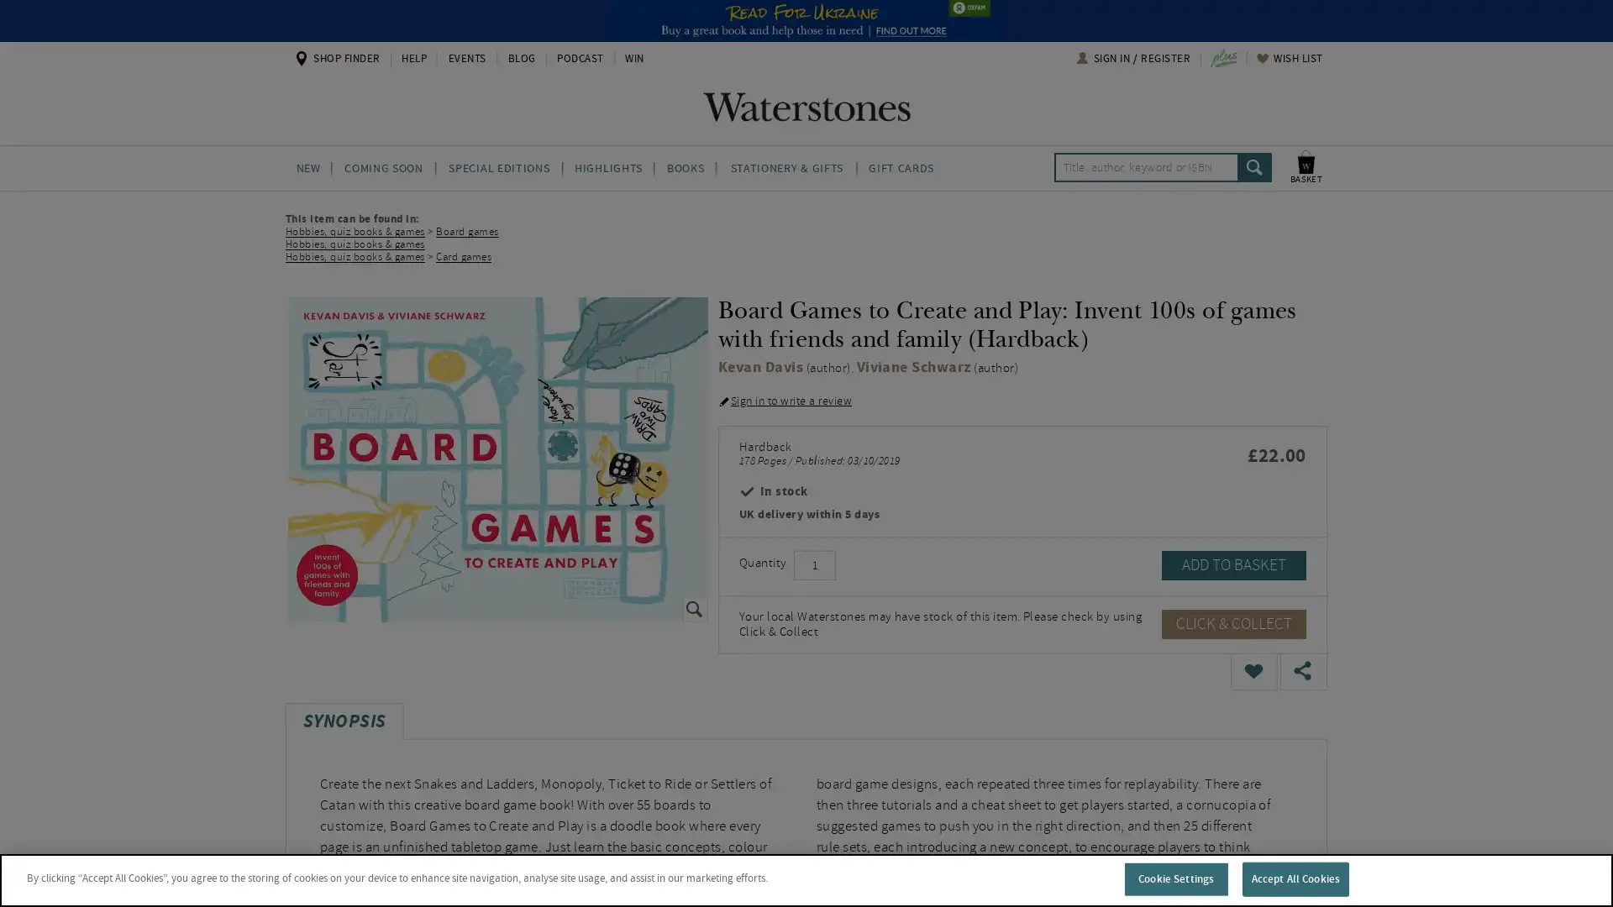 This screenshot has width=1613, height=907. Describe the element at coordinates (1294, 878) in the screenshot. I see `Accept All Cookies` at that location.